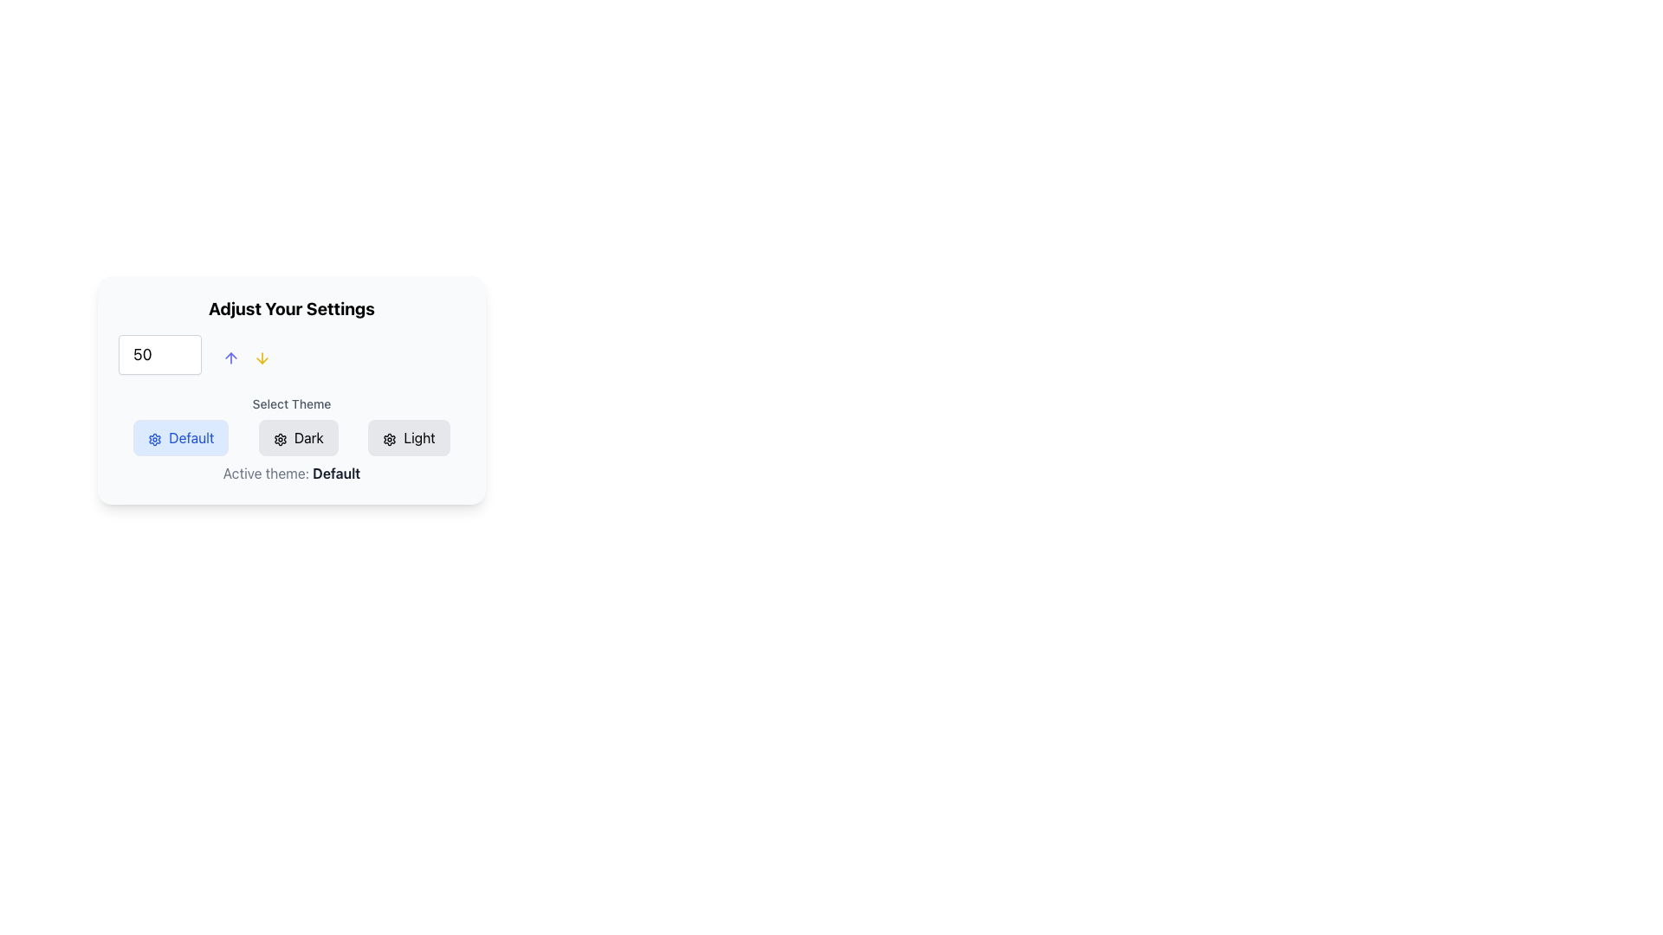 The height and width of the screenshot is (935, 1663). Describe the element at coordinates (291, 439) in the screenshot. I see `the interactive buttons for theme selection (Default, Dark, Light) located beneath 'Adjust Your Settings' and above 'Active theme: Default'` at that location.